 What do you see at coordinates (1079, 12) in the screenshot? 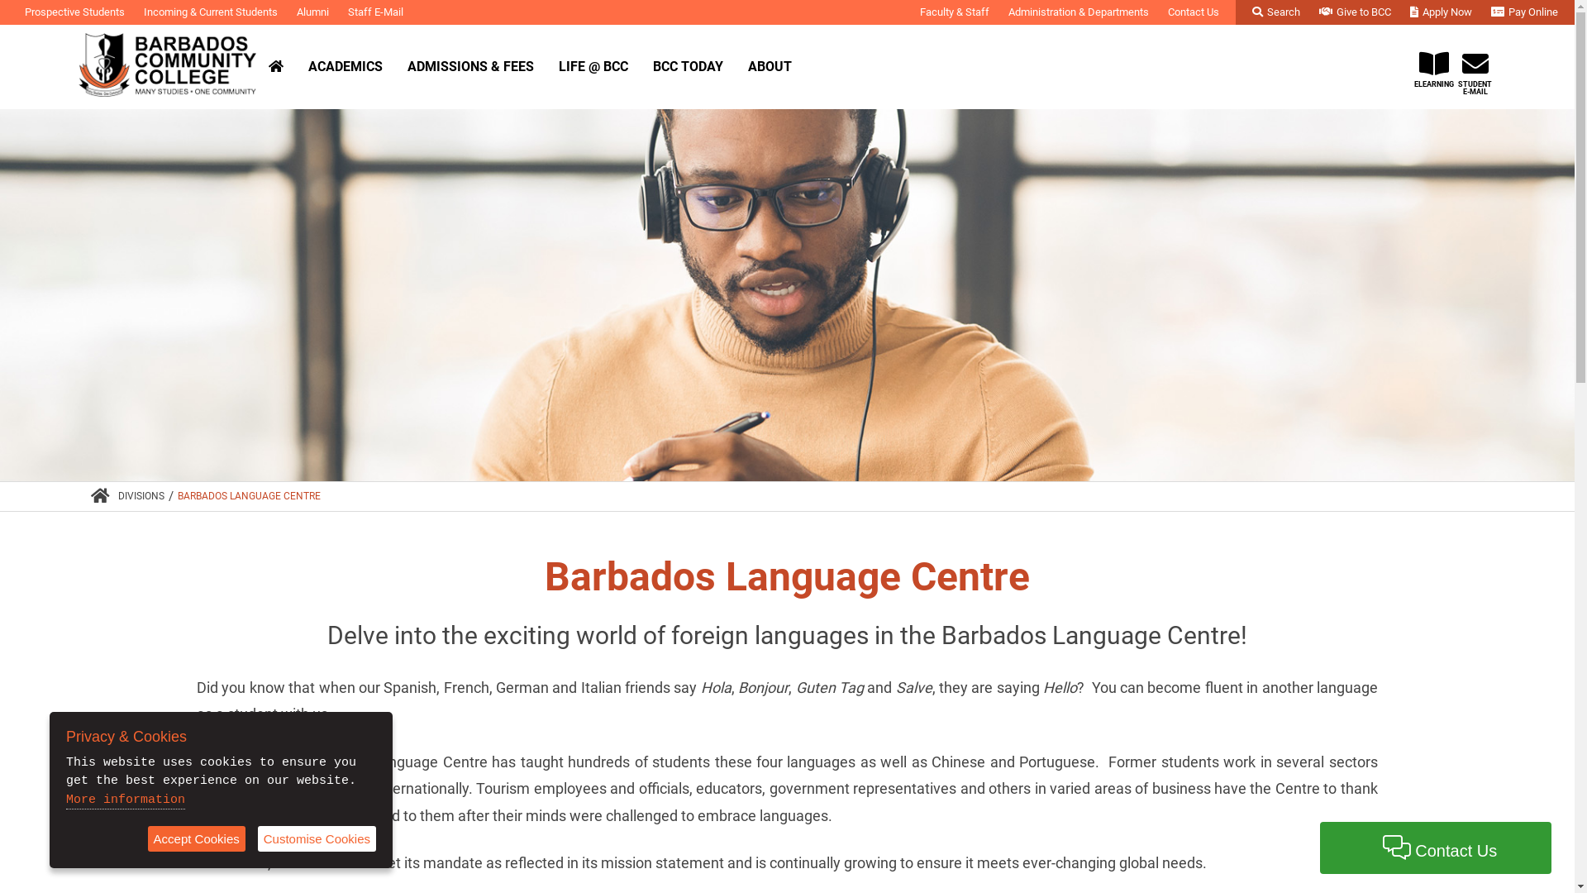
I see `'Administration & Departments'` at bounding box center [1079, 12].